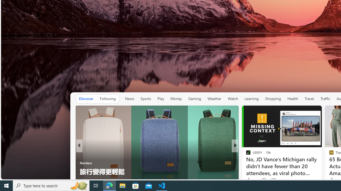  What do you see at coordinates (292, 99) in the screenshot?
I see `'Health'` at bounding box center [292, 99].